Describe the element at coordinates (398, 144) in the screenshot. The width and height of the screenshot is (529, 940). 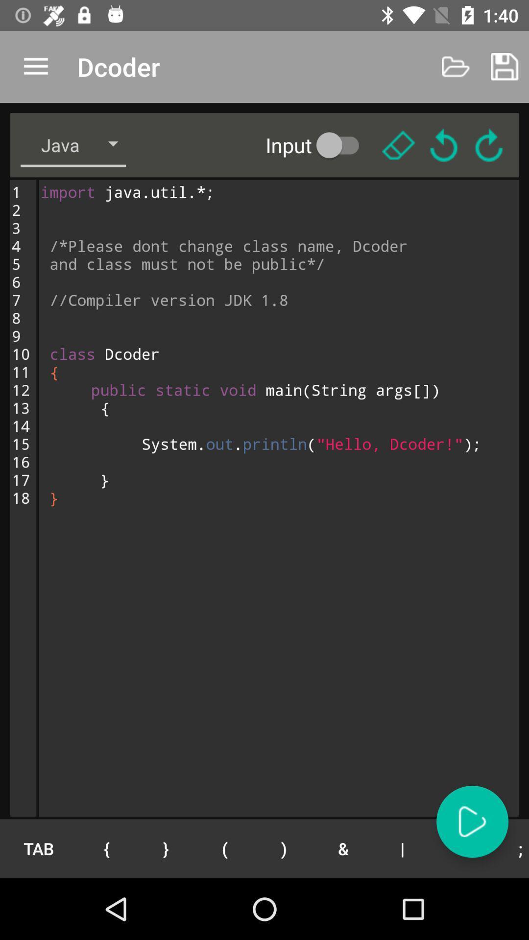
I see `click there` at that location.